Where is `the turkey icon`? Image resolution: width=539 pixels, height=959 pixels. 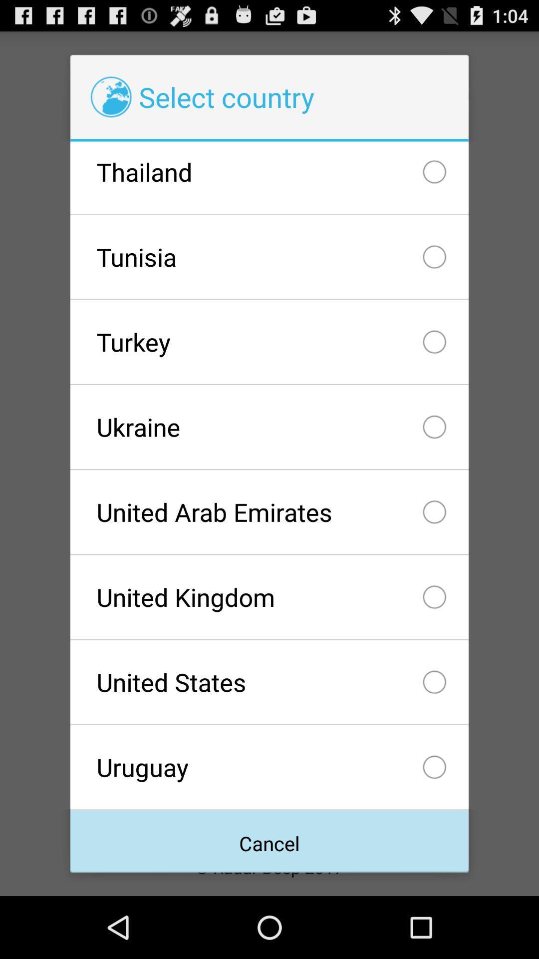 the turkey icon is located at coordinates (269, 342).